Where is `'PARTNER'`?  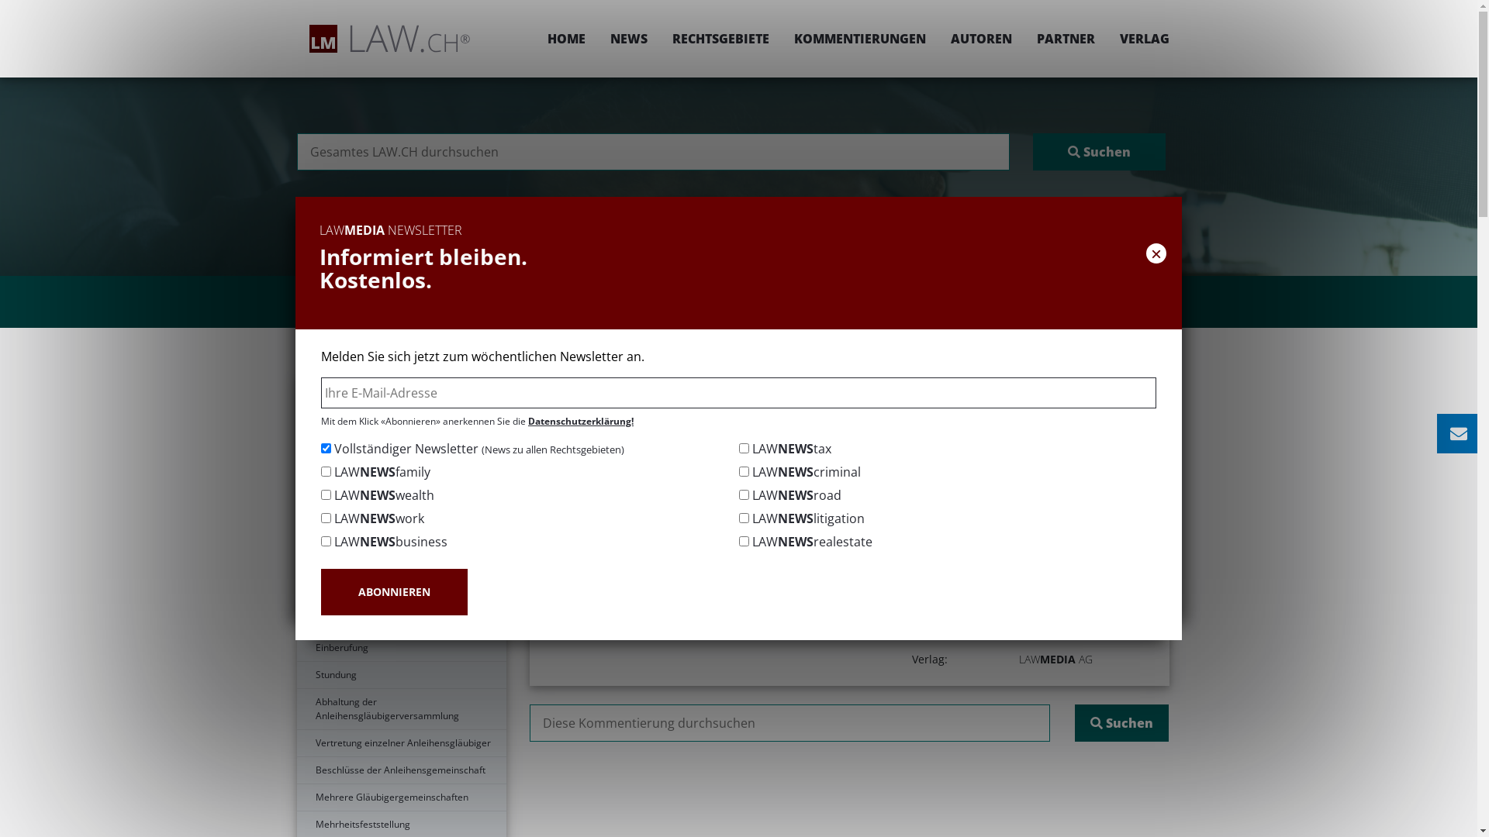
'PARTNER' is located at coordinates (1024, 38).